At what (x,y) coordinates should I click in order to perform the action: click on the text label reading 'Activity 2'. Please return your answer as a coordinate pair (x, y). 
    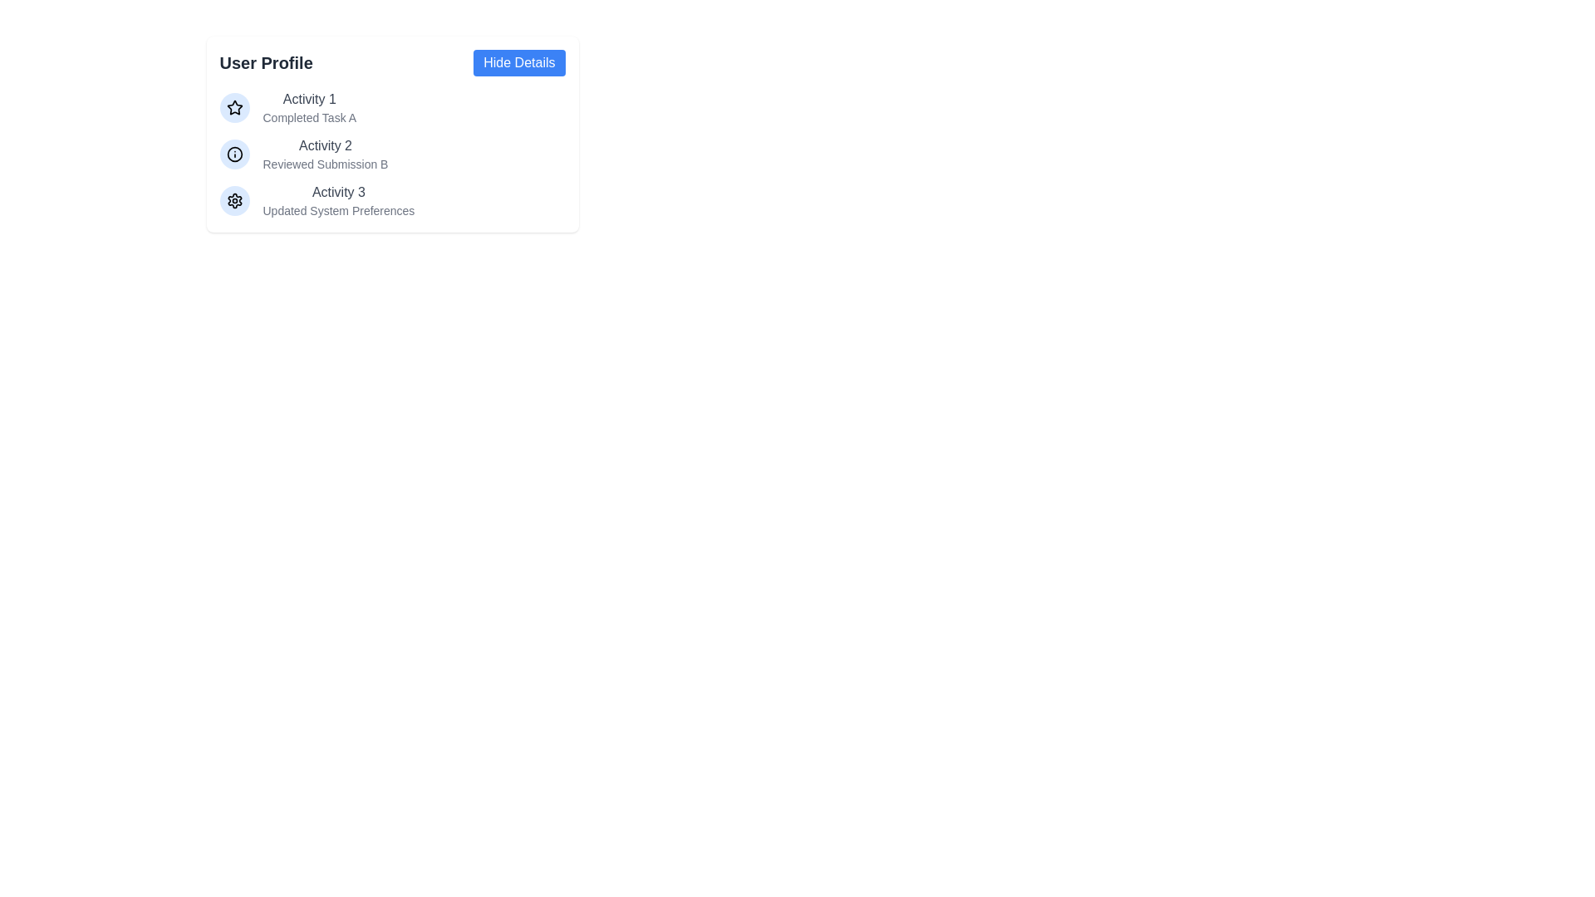
    Looking at the image, I should click on (326, 145).